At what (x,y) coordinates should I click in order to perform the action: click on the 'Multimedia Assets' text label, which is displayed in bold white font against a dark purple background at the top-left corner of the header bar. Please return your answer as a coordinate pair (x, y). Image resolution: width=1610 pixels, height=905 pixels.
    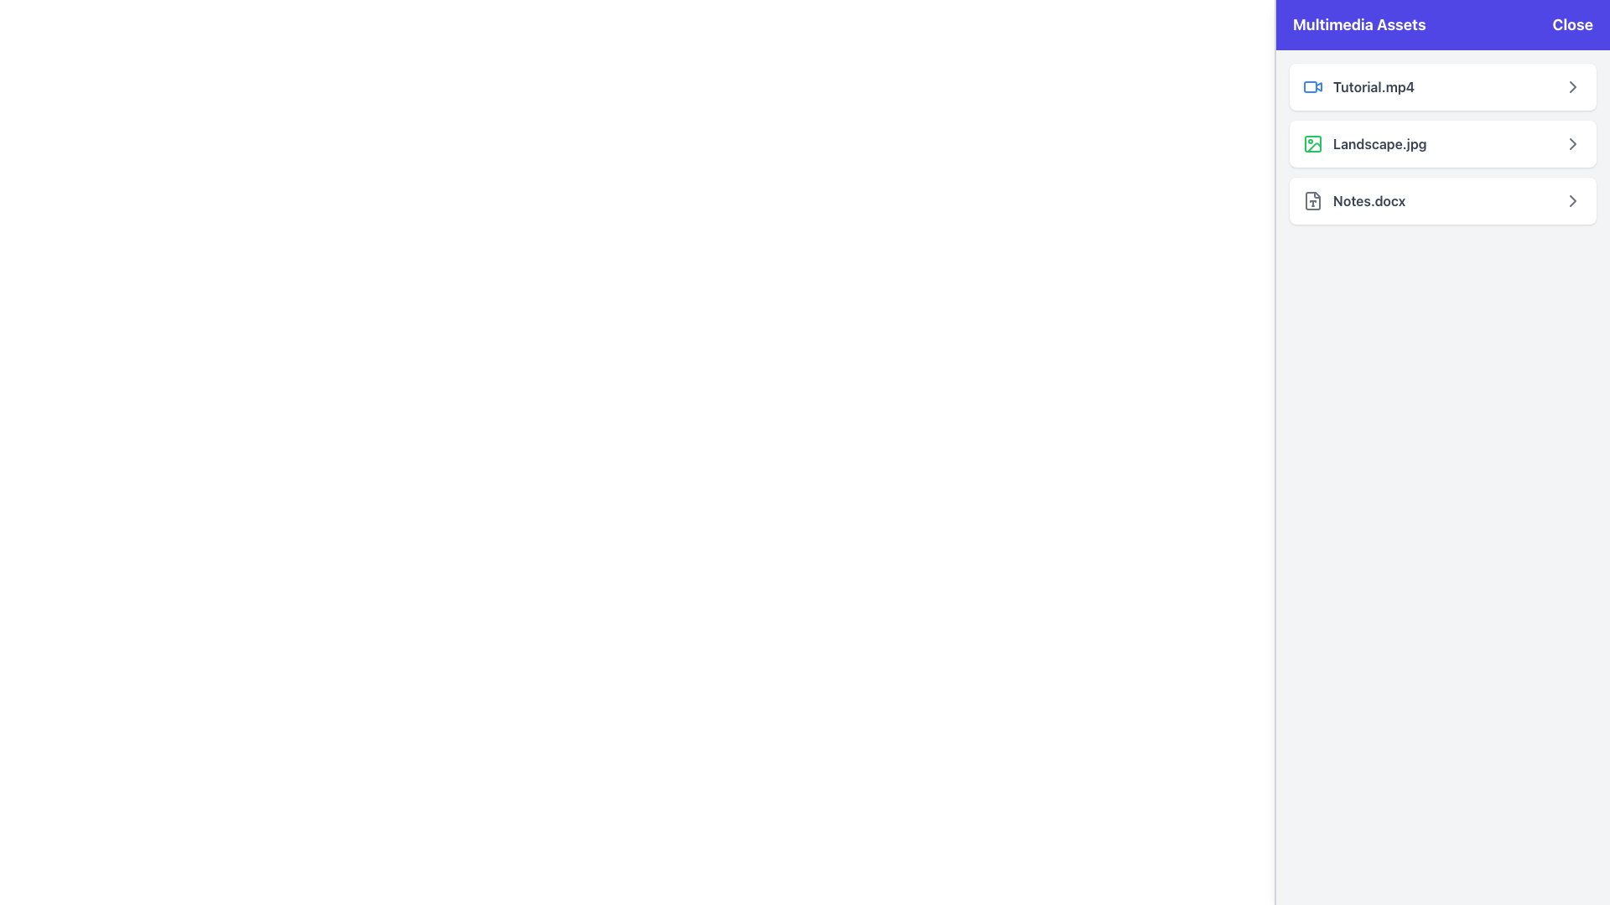
    Looking at the image, I should click on (1359, 25).